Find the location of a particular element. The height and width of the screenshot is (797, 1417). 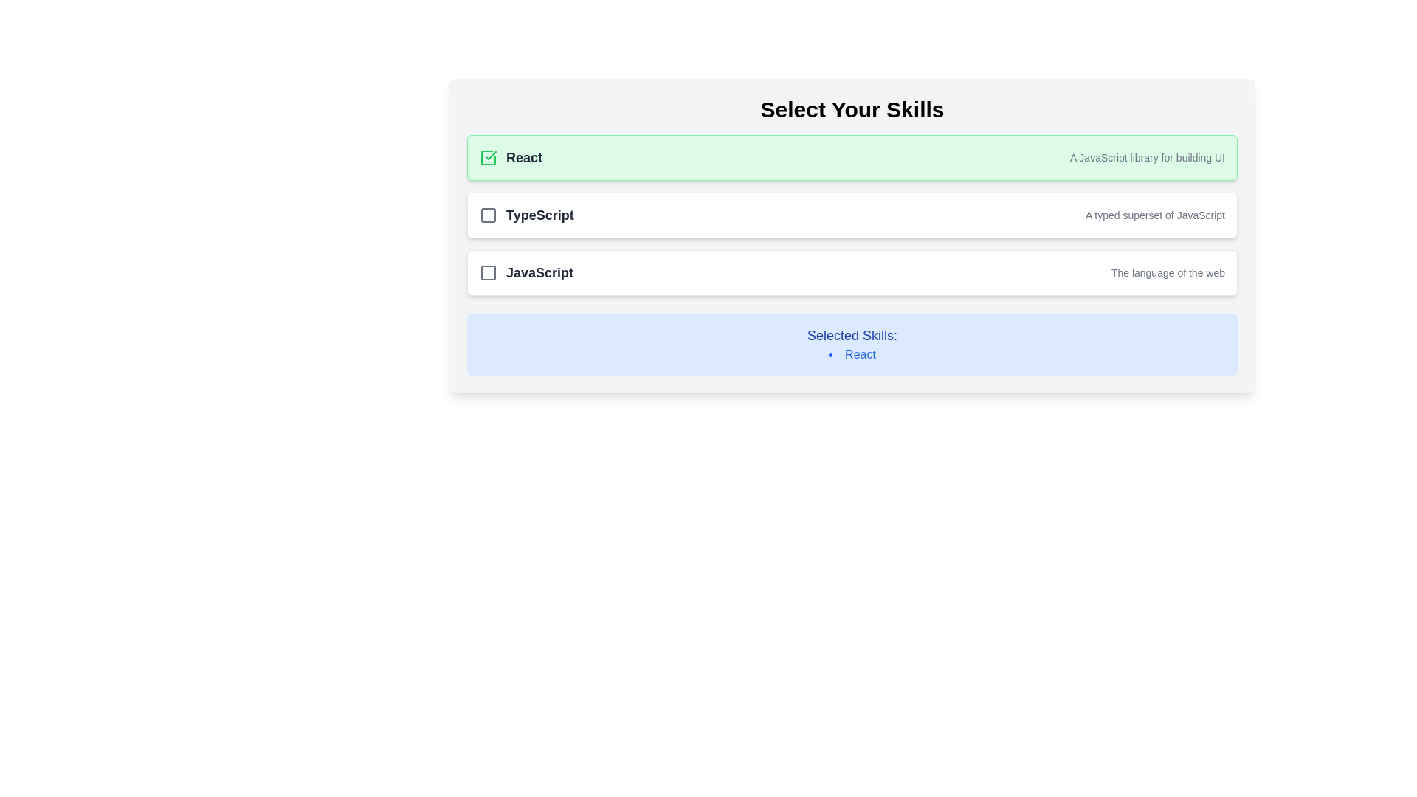

to toggle the checkbox for the 'TypeScript' option located in the second list item of the skills selection section is located at coordinates (489, 215).